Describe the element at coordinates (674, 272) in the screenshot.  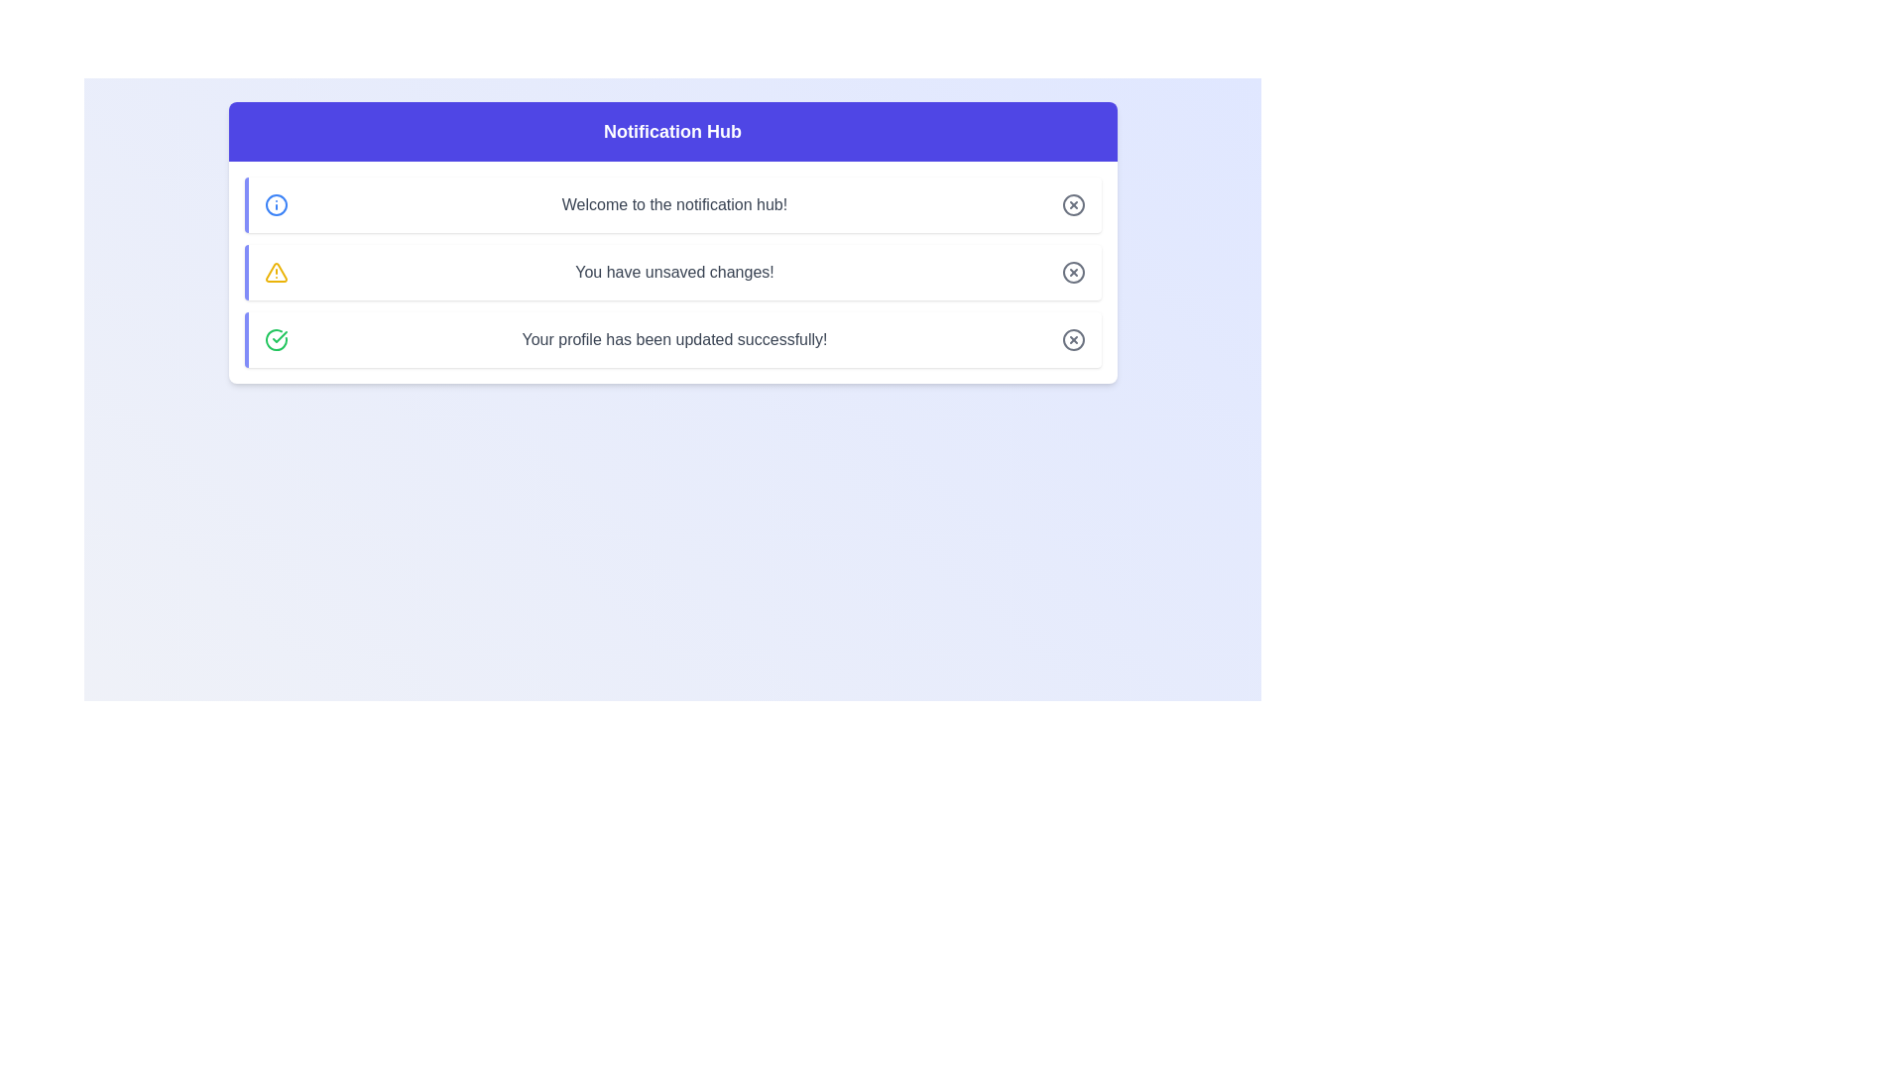
I see `the static text that informs the user about unsaved changes in their current session within the notification component` at that location.